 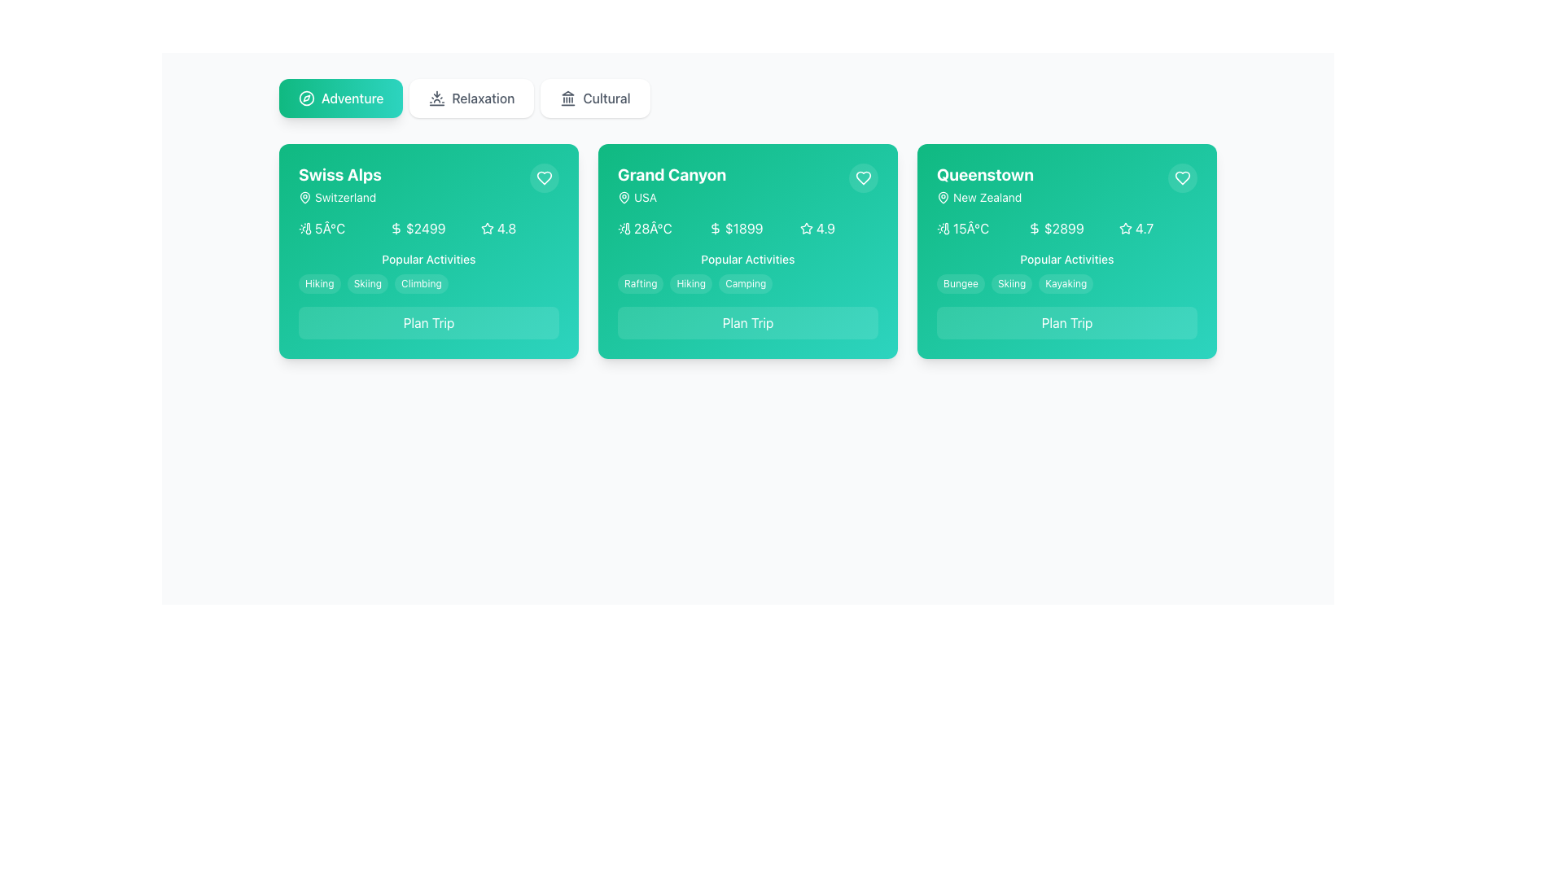 I want to click on the informational block displaying temperature, price, and rating details for the 'Grand Canyon' destination, so click(x=746, y=229).